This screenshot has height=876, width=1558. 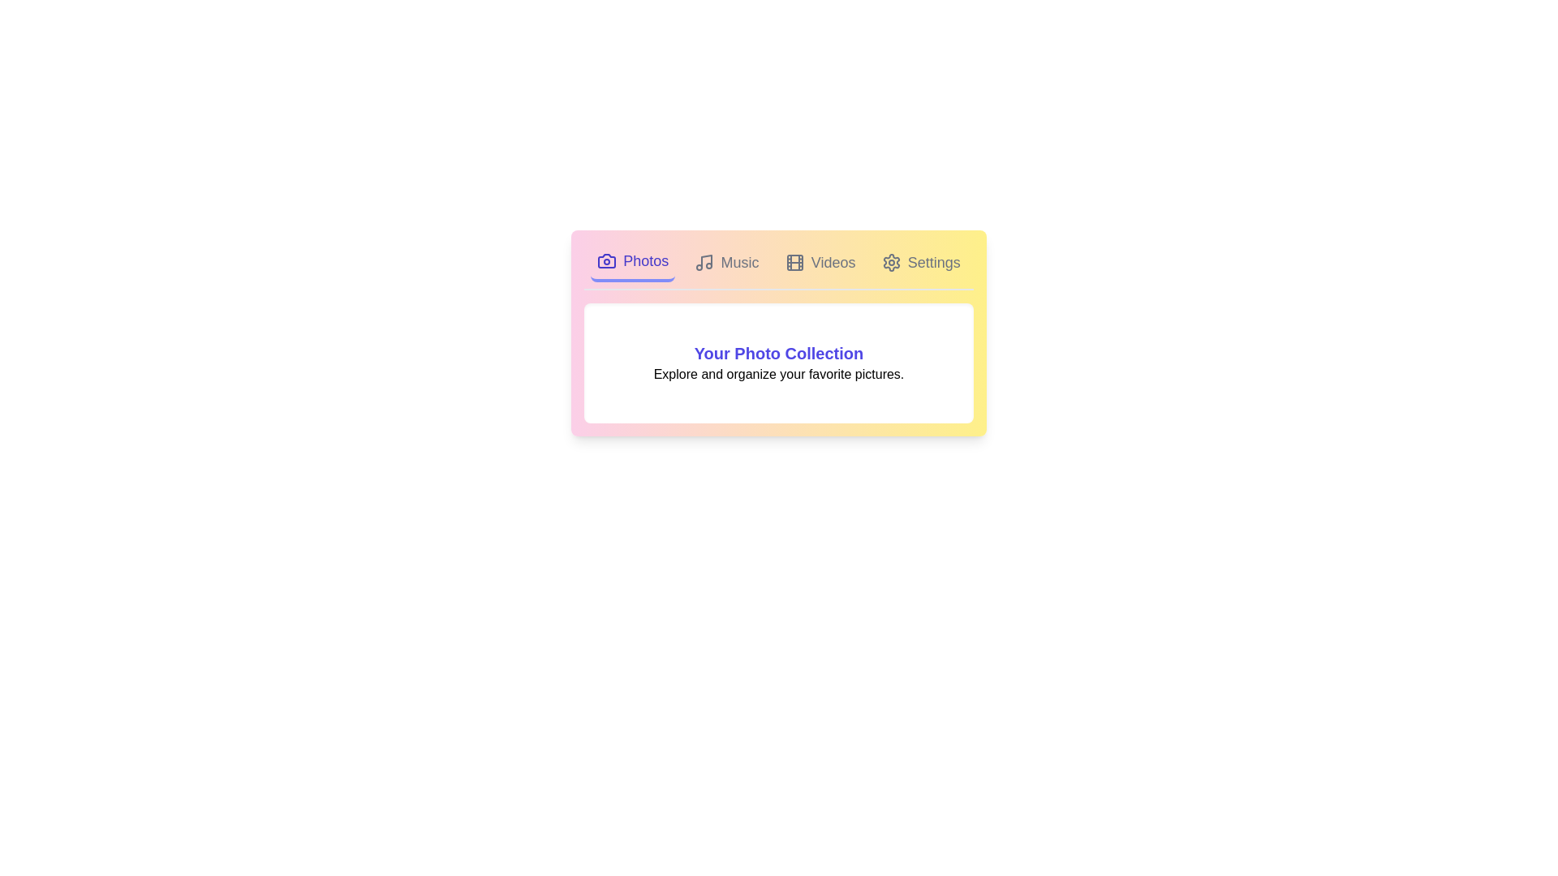 I want to click on the Settings tab to navigate to it, so click(x=921, y=262).